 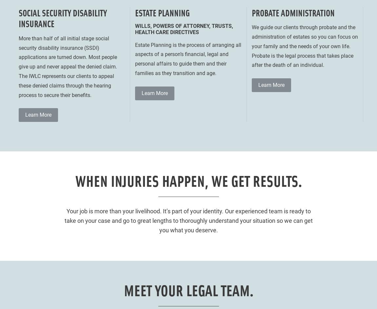 I want to click on 'Your job is more than your livelihood. It’s part of your identity. Our experienced team is ready to take on your case and go to great lengths to thoroughly understand your situation so we can get you what you deserve.', so click(x=188, y=221).